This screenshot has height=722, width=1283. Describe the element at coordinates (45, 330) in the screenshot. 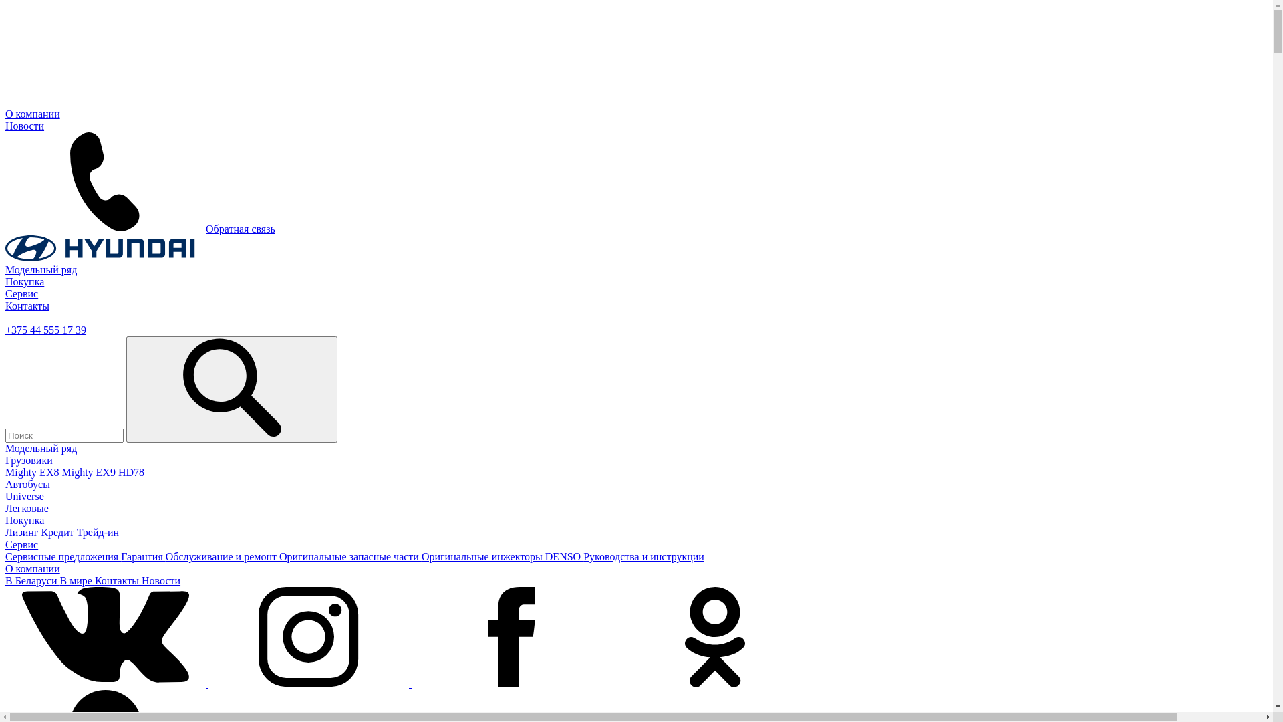

I see `'+375 44 555 17 39'` at that location.